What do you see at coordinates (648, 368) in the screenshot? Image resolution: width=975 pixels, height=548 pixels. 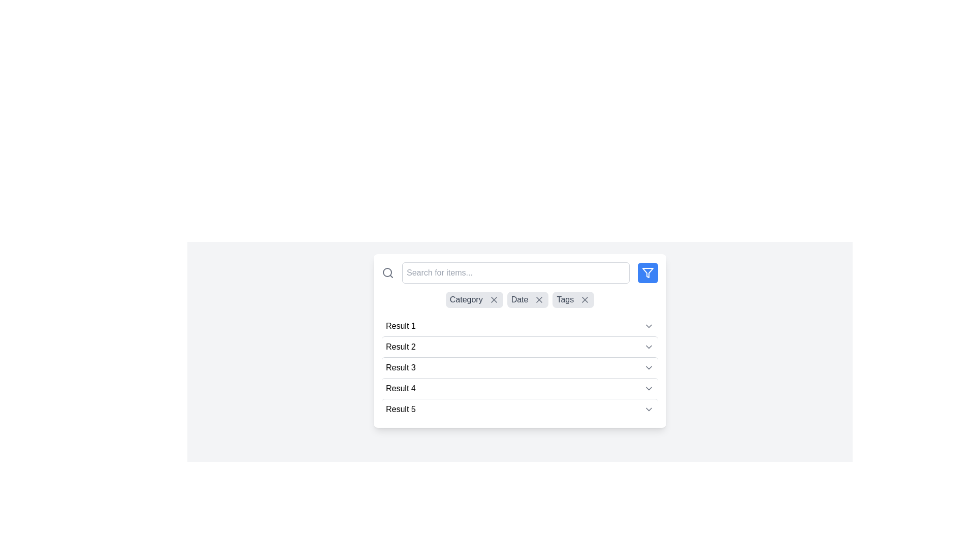 I see `the chevron icon located to the right of the 'Result 3' text` at bounding box center [648, 368].